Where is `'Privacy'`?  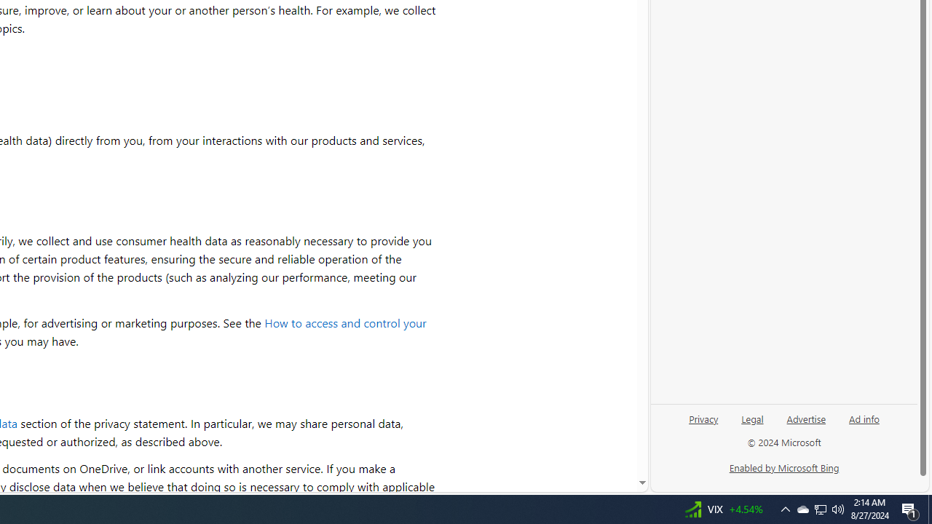
'Privacy' is located at coordinates (703, 418).